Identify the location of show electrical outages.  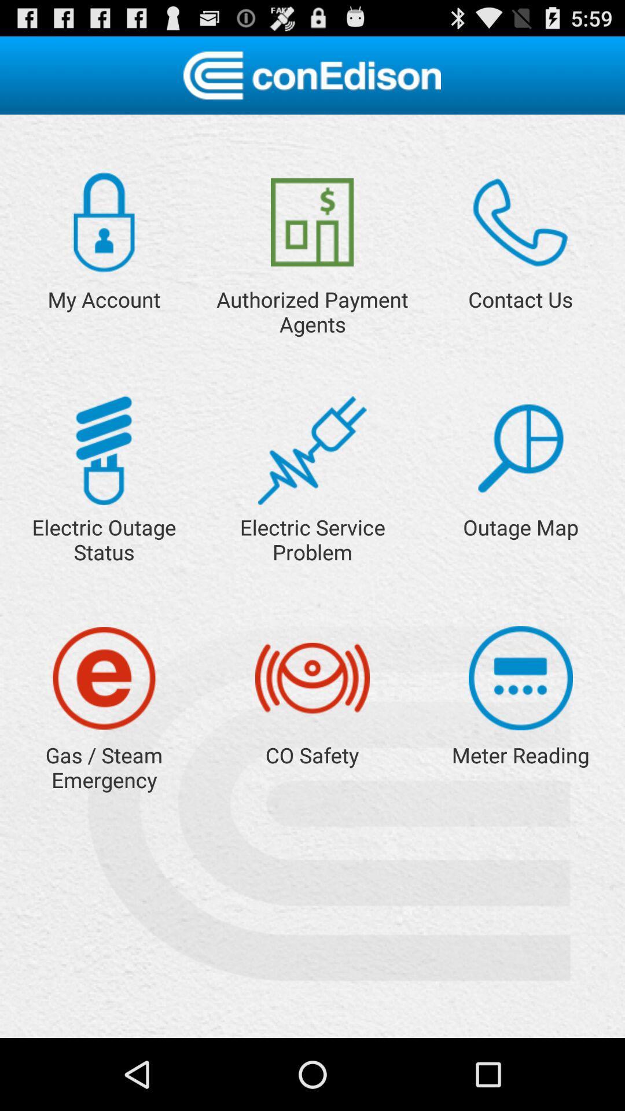
(103, 450).